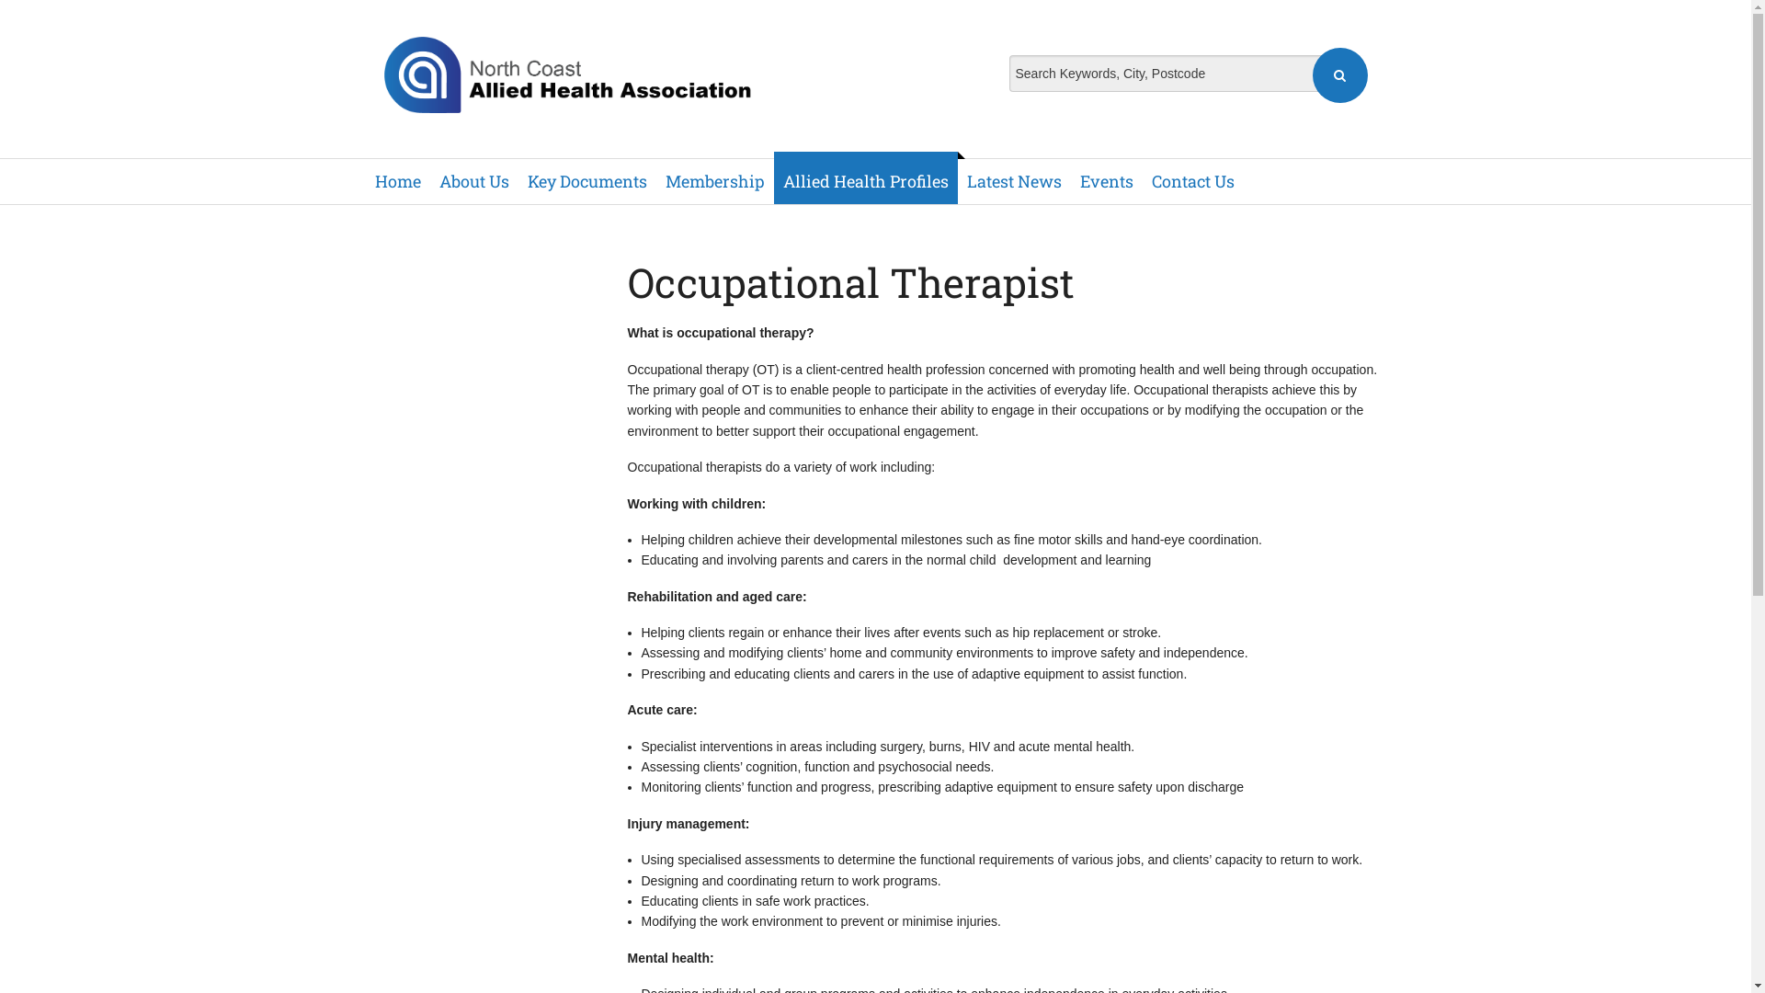  What do you see at coordinates (1105, 181) in the screenshot?
I see `'Events'` at bounding box center [1105, 181].